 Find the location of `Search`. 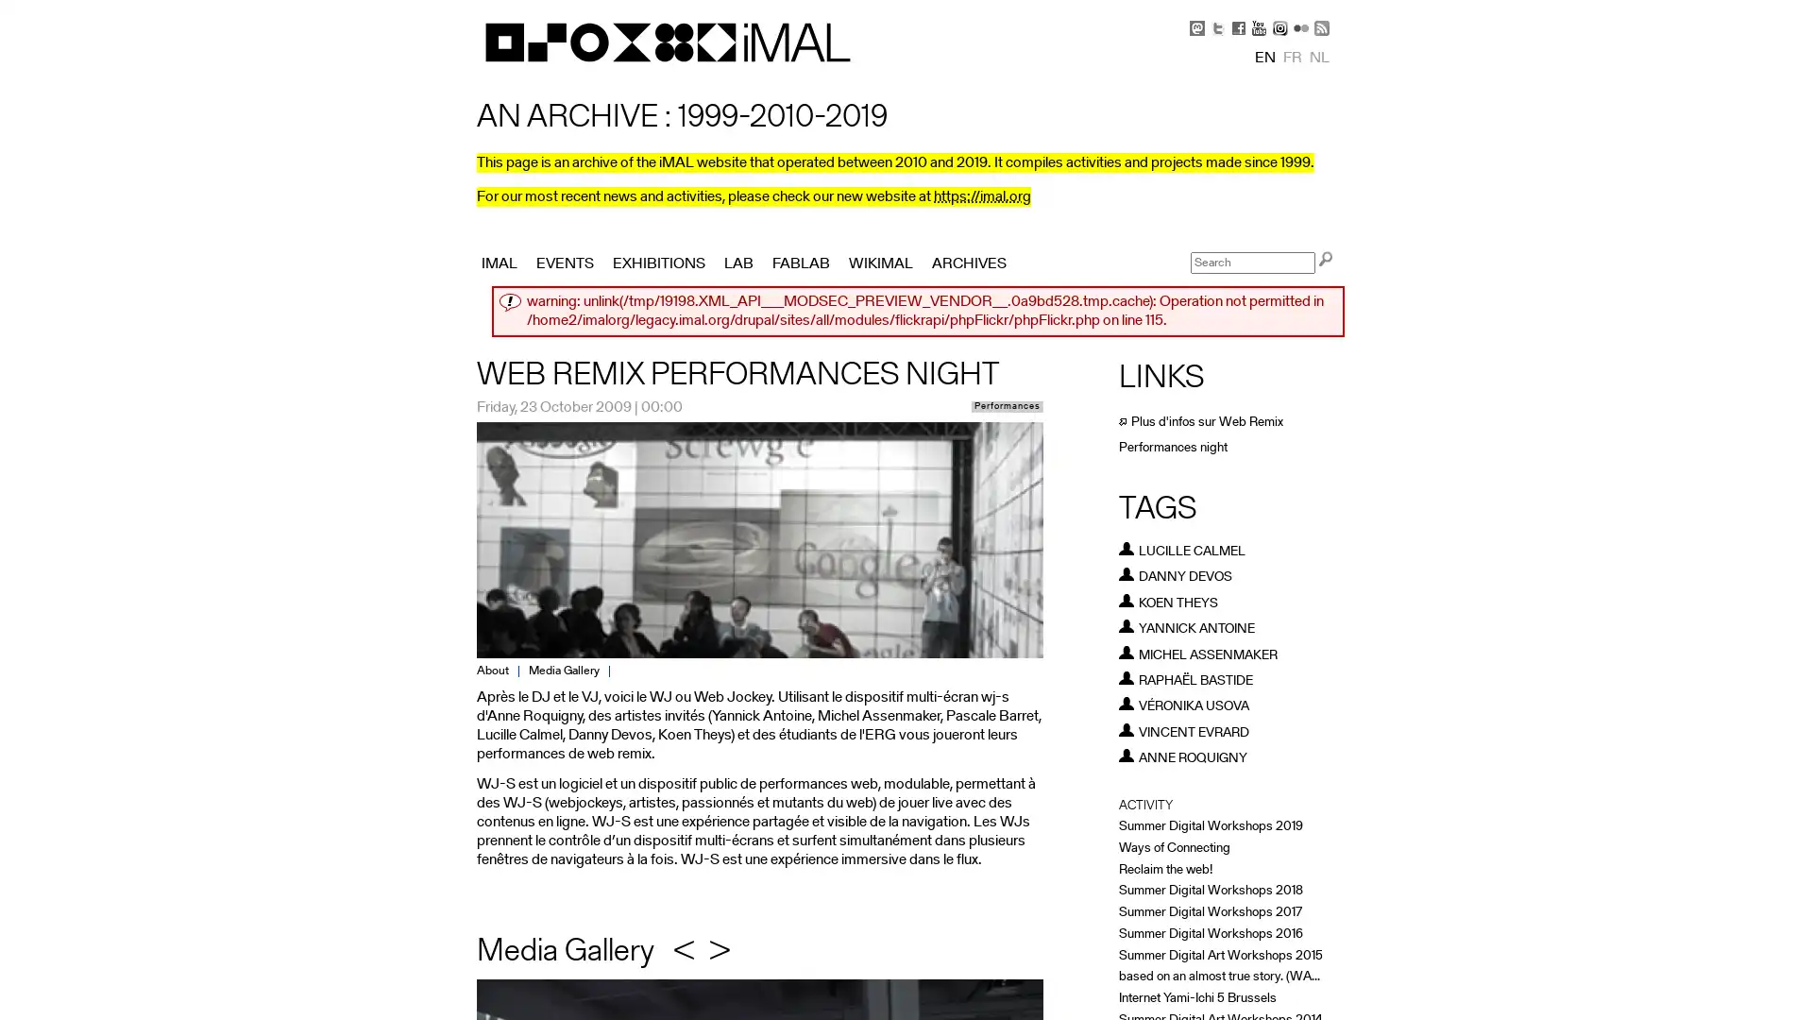

Search is located at coordinates (1324, 258).